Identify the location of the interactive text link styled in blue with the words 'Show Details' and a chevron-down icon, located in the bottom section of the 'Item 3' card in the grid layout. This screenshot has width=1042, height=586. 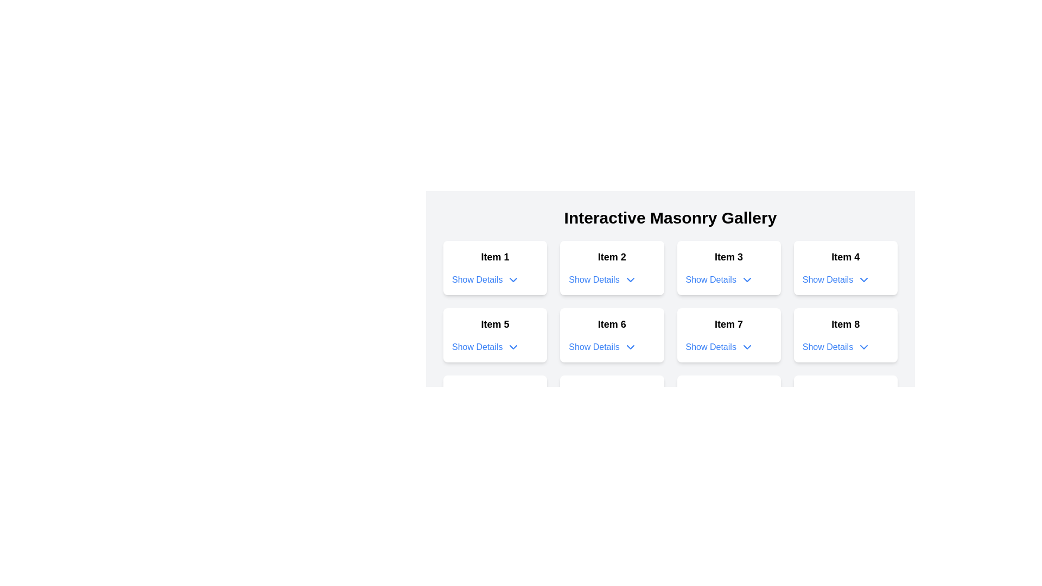
(720, 279).